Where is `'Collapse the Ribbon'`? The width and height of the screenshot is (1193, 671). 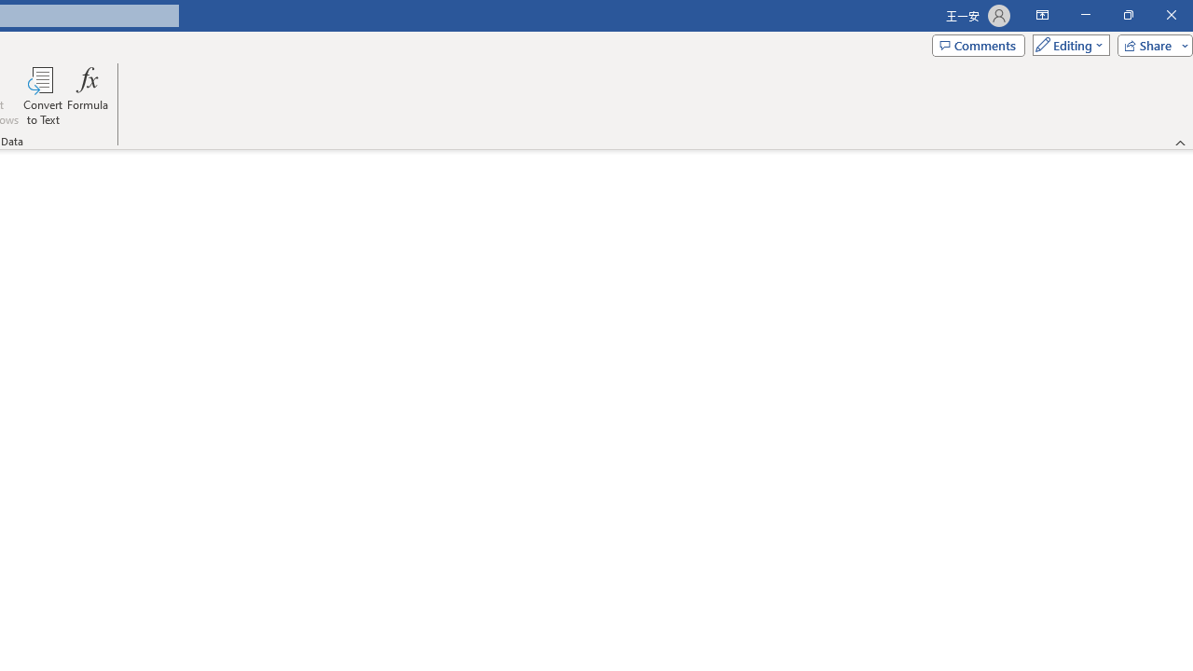
'Collapse the Ribbon' is located at coordinates (1180, 142).